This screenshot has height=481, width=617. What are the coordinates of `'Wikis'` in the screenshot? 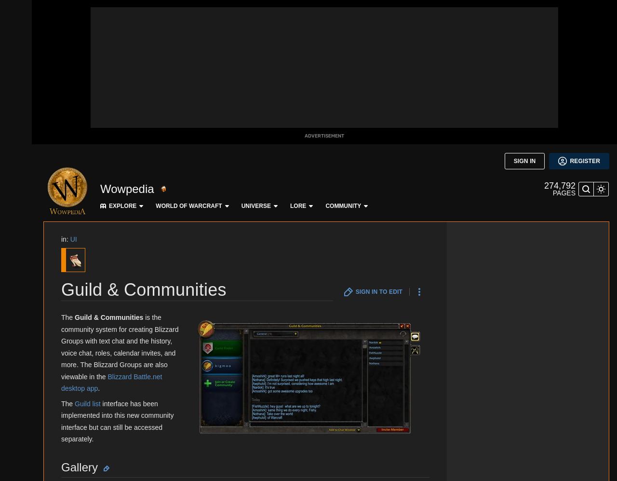 It's located at (16, 310).